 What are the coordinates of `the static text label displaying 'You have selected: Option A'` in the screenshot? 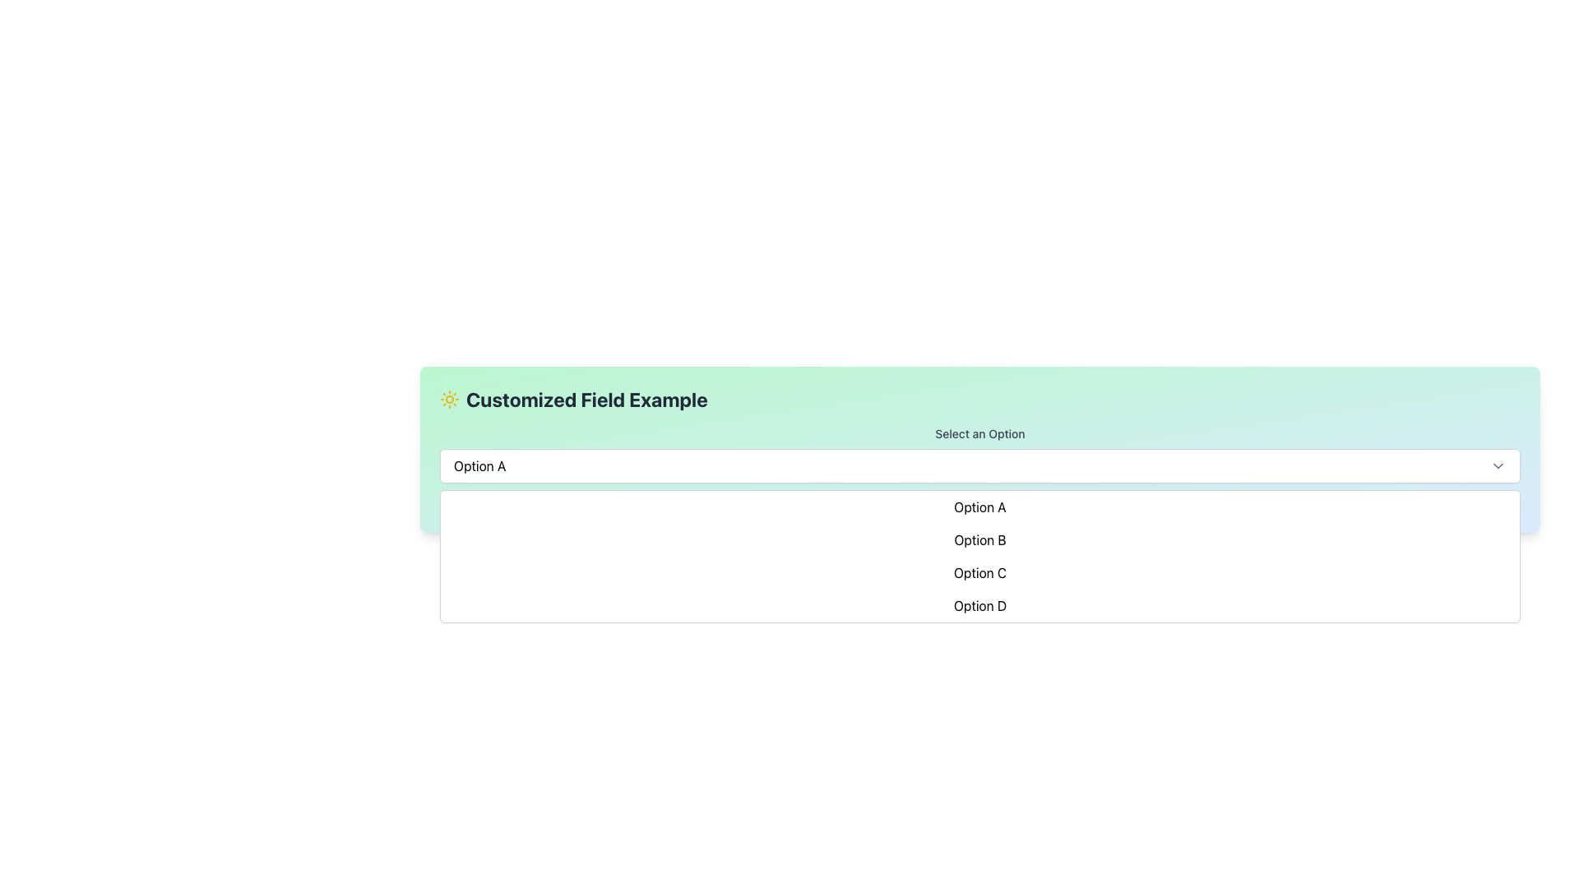 It's located at (979, 503).